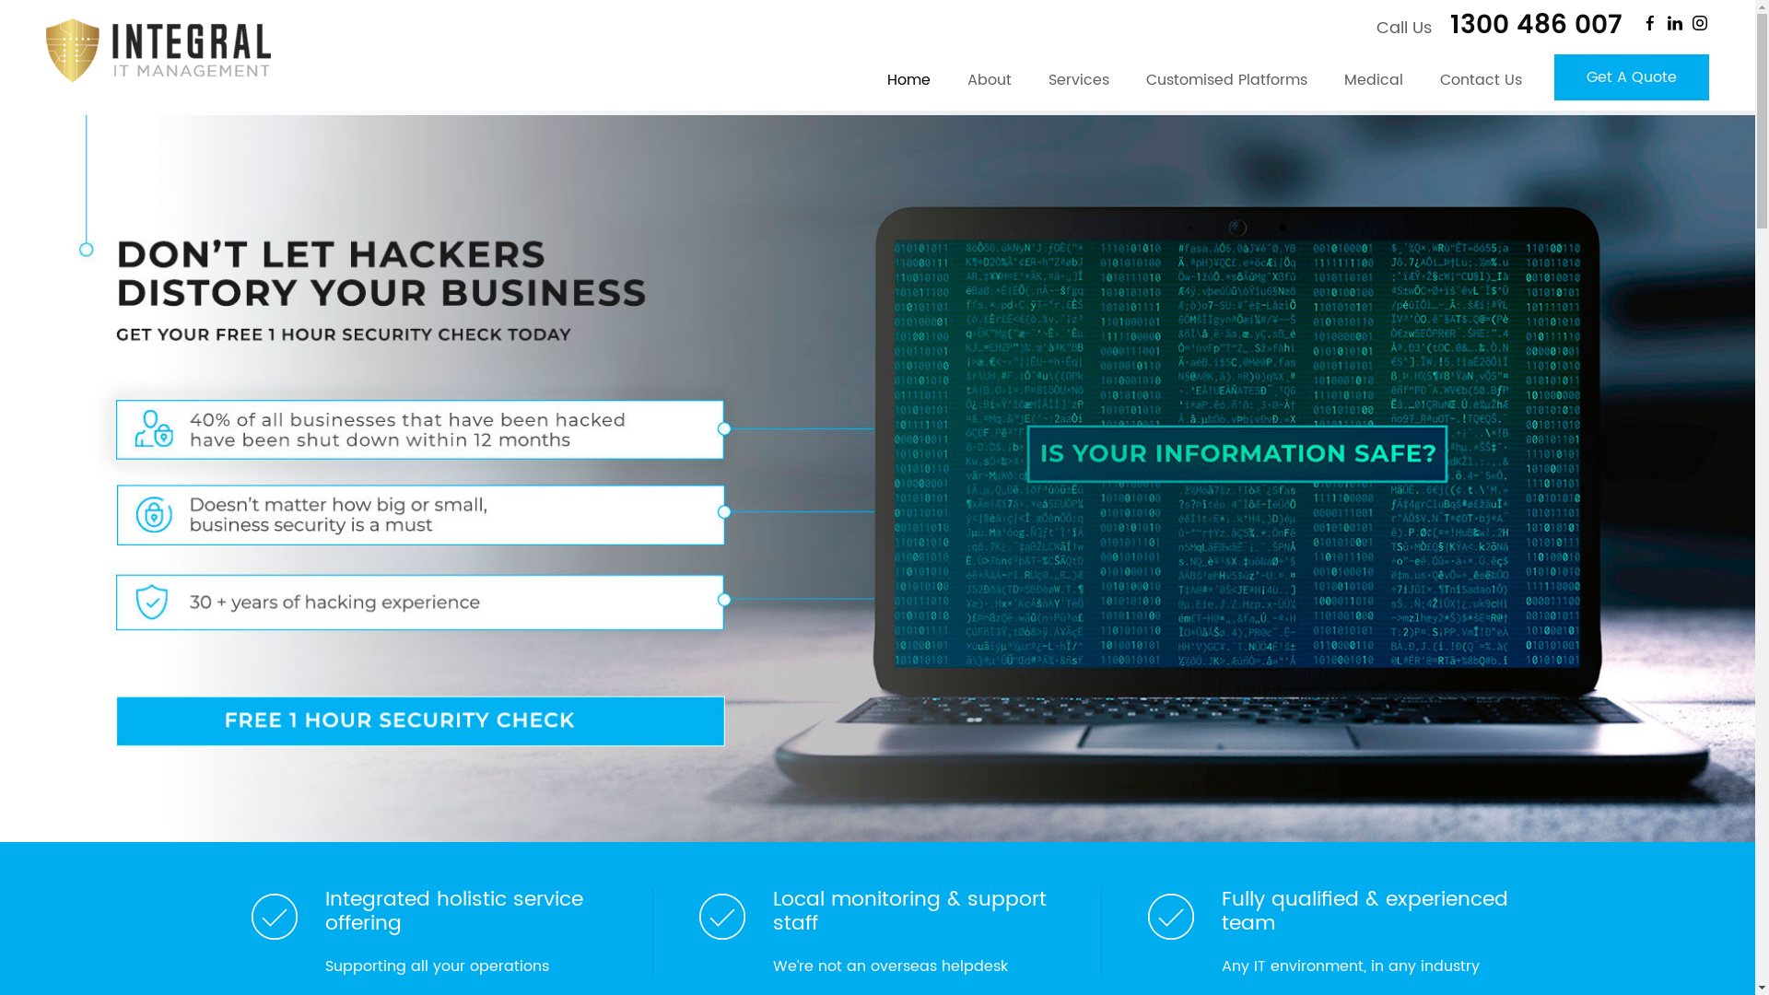 The image size is (1769, 995). I want to click on '1300 486 007', so click(1529, 25).